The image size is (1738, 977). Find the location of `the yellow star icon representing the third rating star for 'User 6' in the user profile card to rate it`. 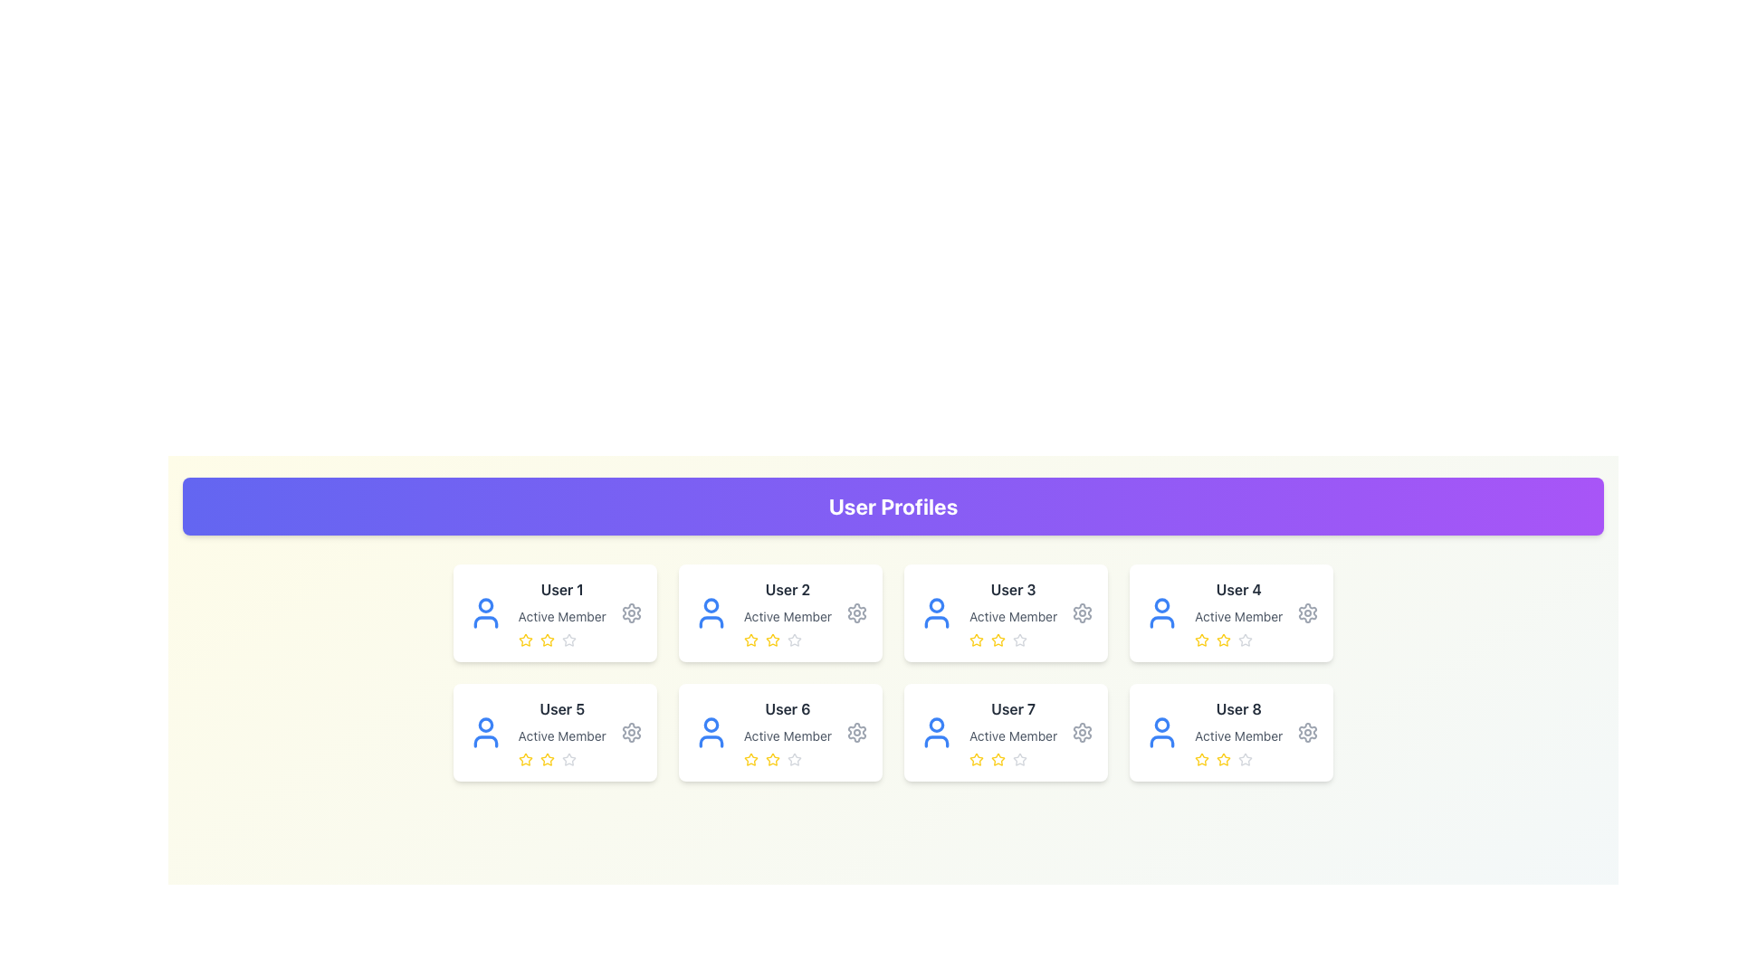

the yellow star icon representing the third rating star for 'User 6' in the user profile card to rate it is located at coordinates (772, 760).